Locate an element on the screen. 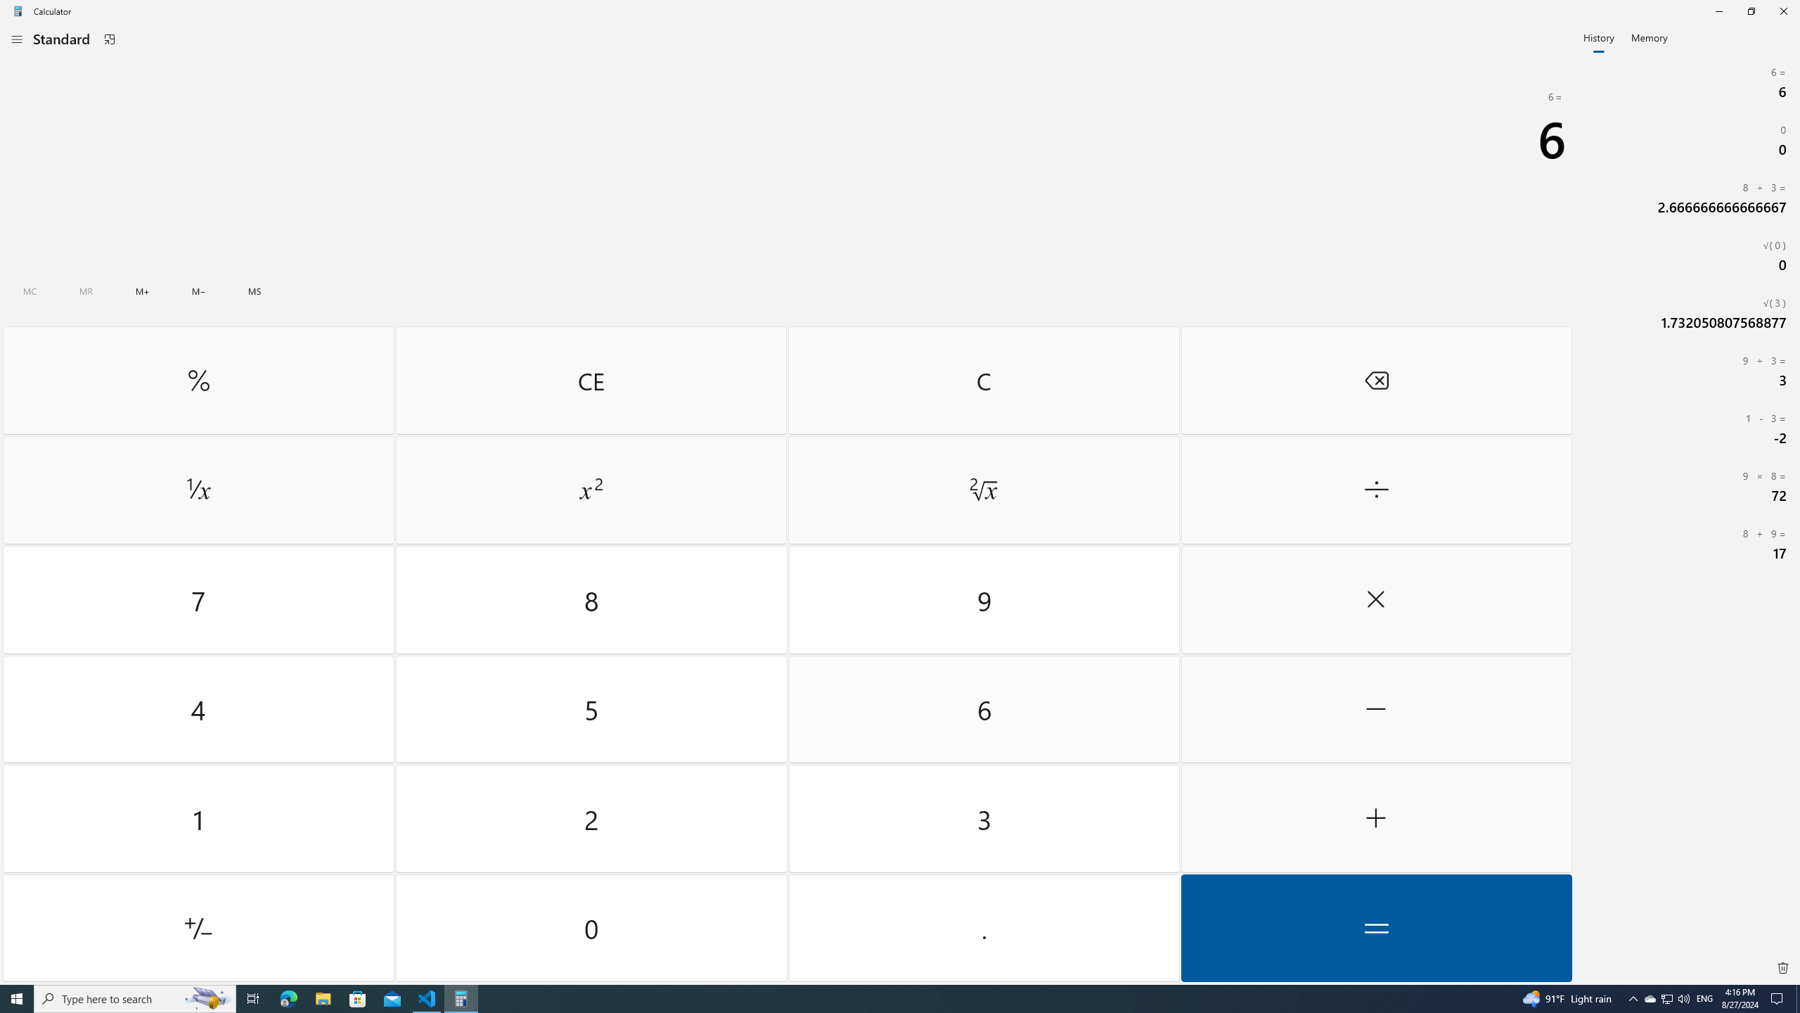 The width and height of the screenshot is (1800, 1013). 'Square root' is located at coordinates (983, 490).